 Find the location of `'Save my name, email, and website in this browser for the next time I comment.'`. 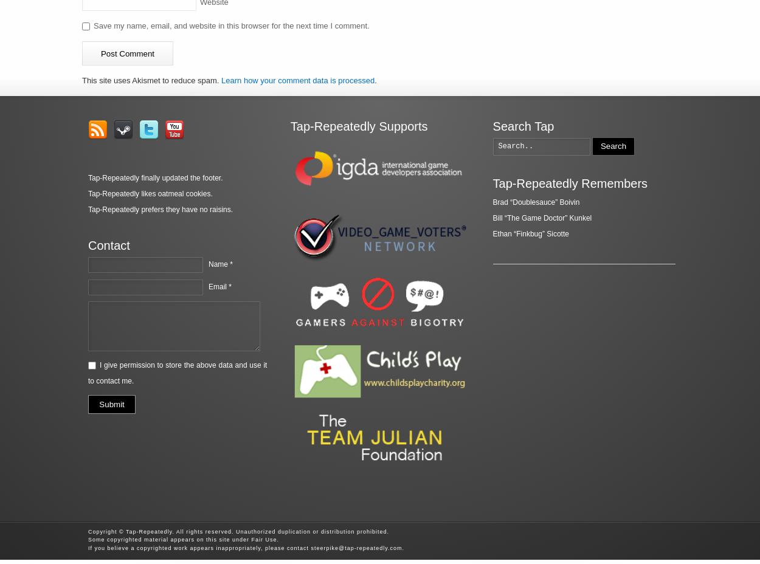

'Save my name, email, and website in this browser for the next time I comment.' is located at coordinates (231, 25).